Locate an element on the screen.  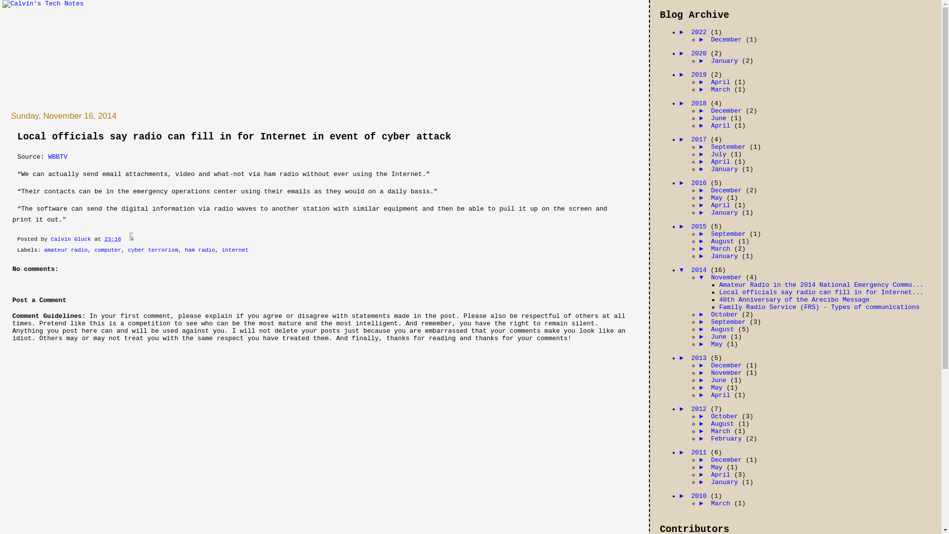
'2010' is located at coordinates (700, 496).